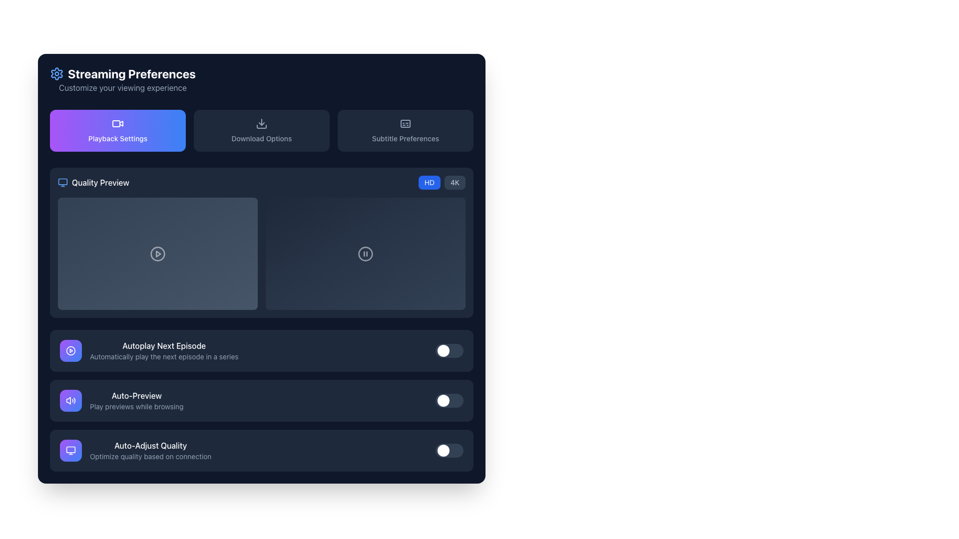  What do you see at coordinates (157, 253) in the screenshot?
I see `the Video preview placeholder located at the leftmost position in the grid layout` at bounding box center [157, 253].